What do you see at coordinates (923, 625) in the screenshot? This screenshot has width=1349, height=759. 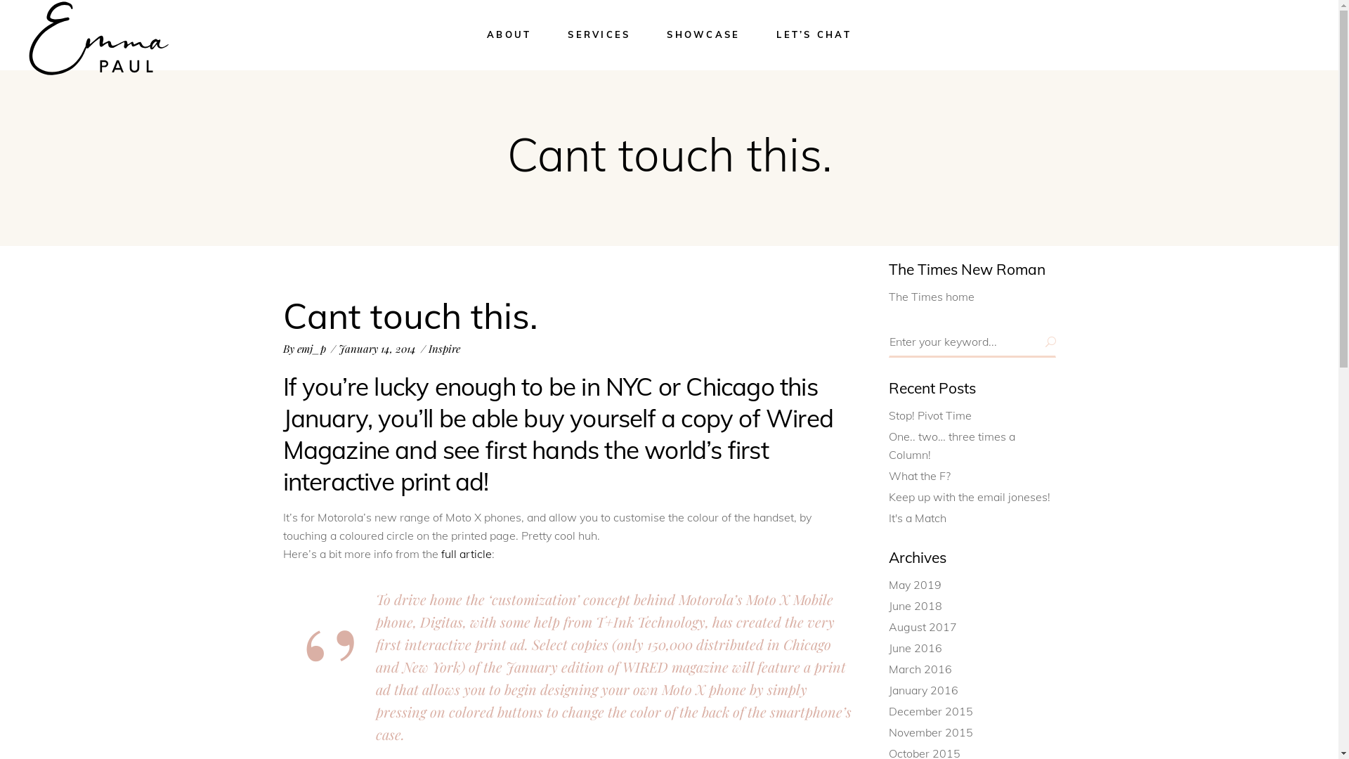 I see `'August 2017'` at bounding box center [923, 625].